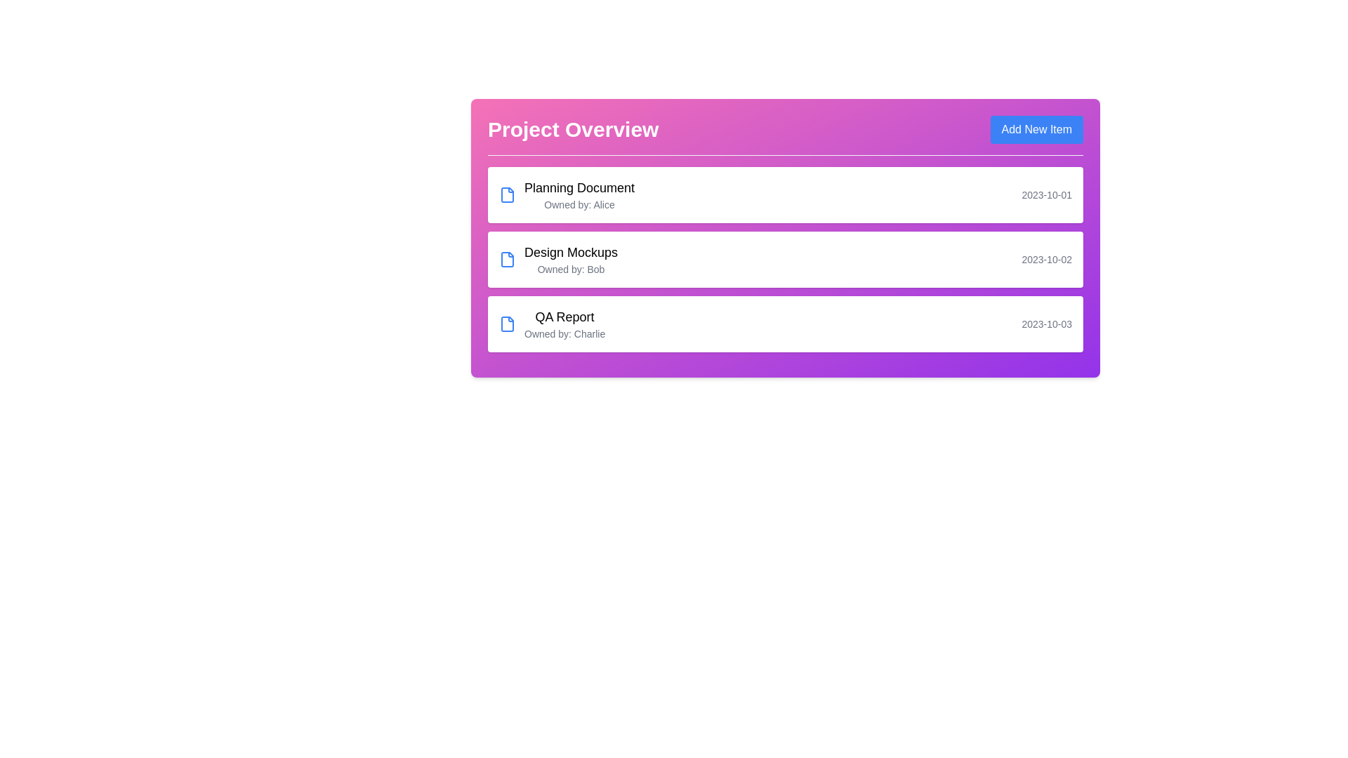 This screenshot has height=758, width=1348. What do you see at coordinates (784, 260) in the screenshot?
I see `the second item card in the project or document list, which is located centrally beneath 'Planning Document Owned by: Alice' and above 'QA Report Owned by: Charlie'` at bounding box center [784, 260].